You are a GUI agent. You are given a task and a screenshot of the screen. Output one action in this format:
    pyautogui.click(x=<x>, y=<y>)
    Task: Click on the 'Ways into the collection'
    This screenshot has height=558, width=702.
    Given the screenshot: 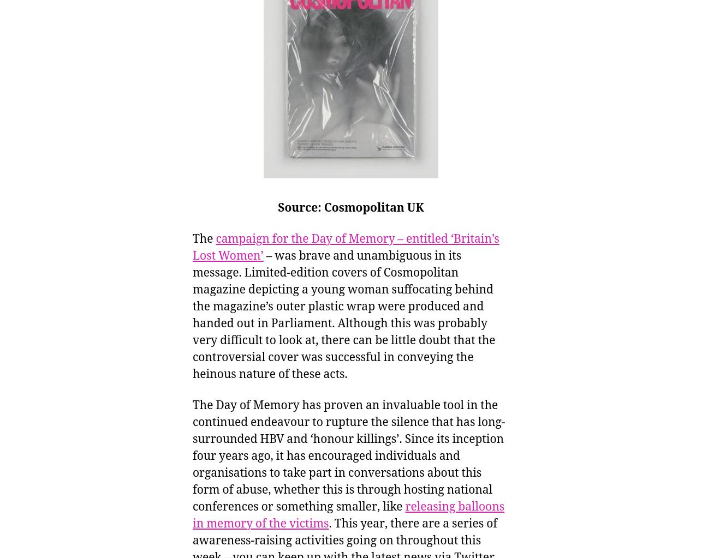 What is the action you would take?
    pyautogui.click(x=23, y=44)
    